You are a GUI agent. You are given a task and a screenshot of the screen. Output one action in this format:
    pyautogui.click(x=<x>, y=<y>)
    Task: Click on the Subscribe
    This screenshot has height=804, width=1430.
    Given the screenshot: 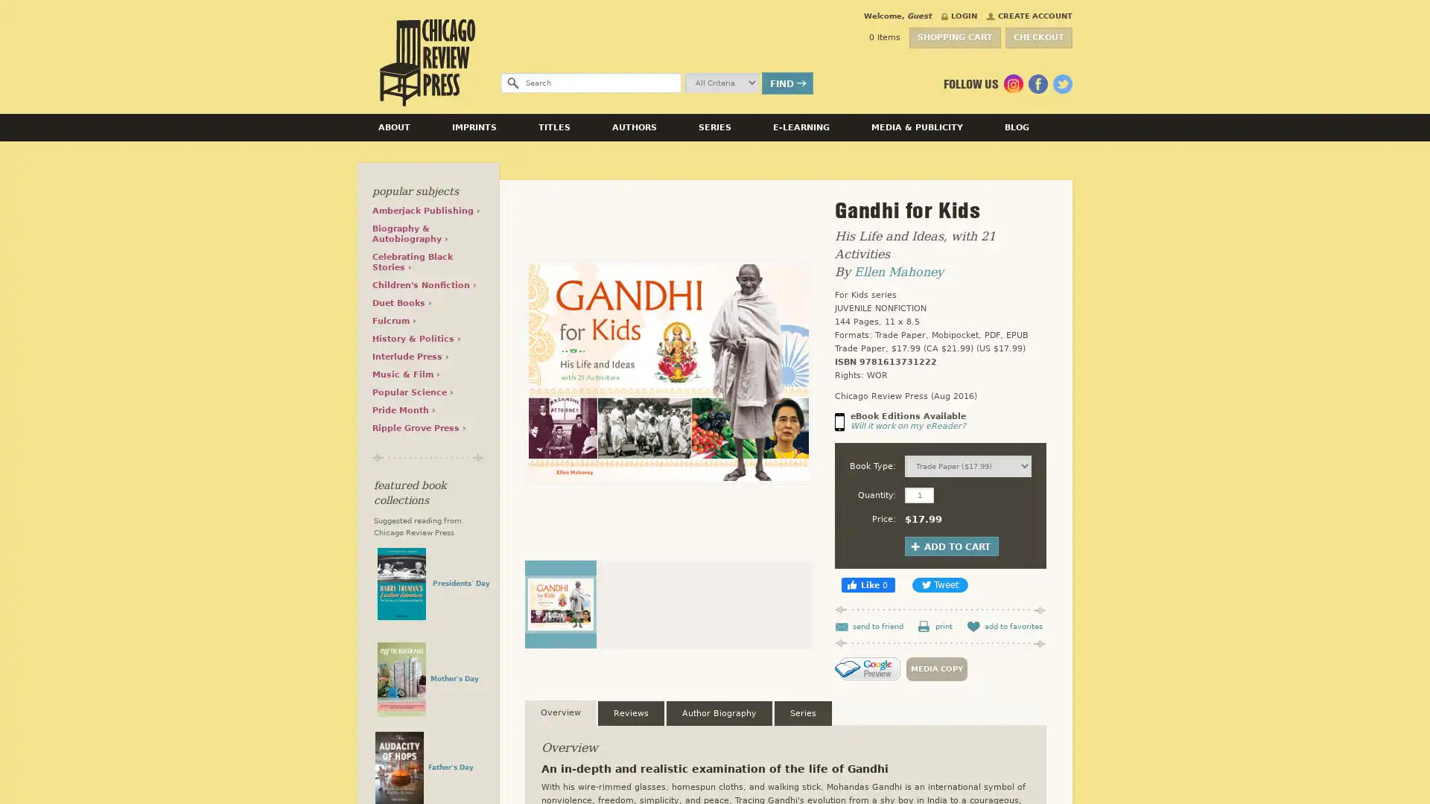 What is the action you would take?
    pyautogui.click(x=1035, y=397)
    